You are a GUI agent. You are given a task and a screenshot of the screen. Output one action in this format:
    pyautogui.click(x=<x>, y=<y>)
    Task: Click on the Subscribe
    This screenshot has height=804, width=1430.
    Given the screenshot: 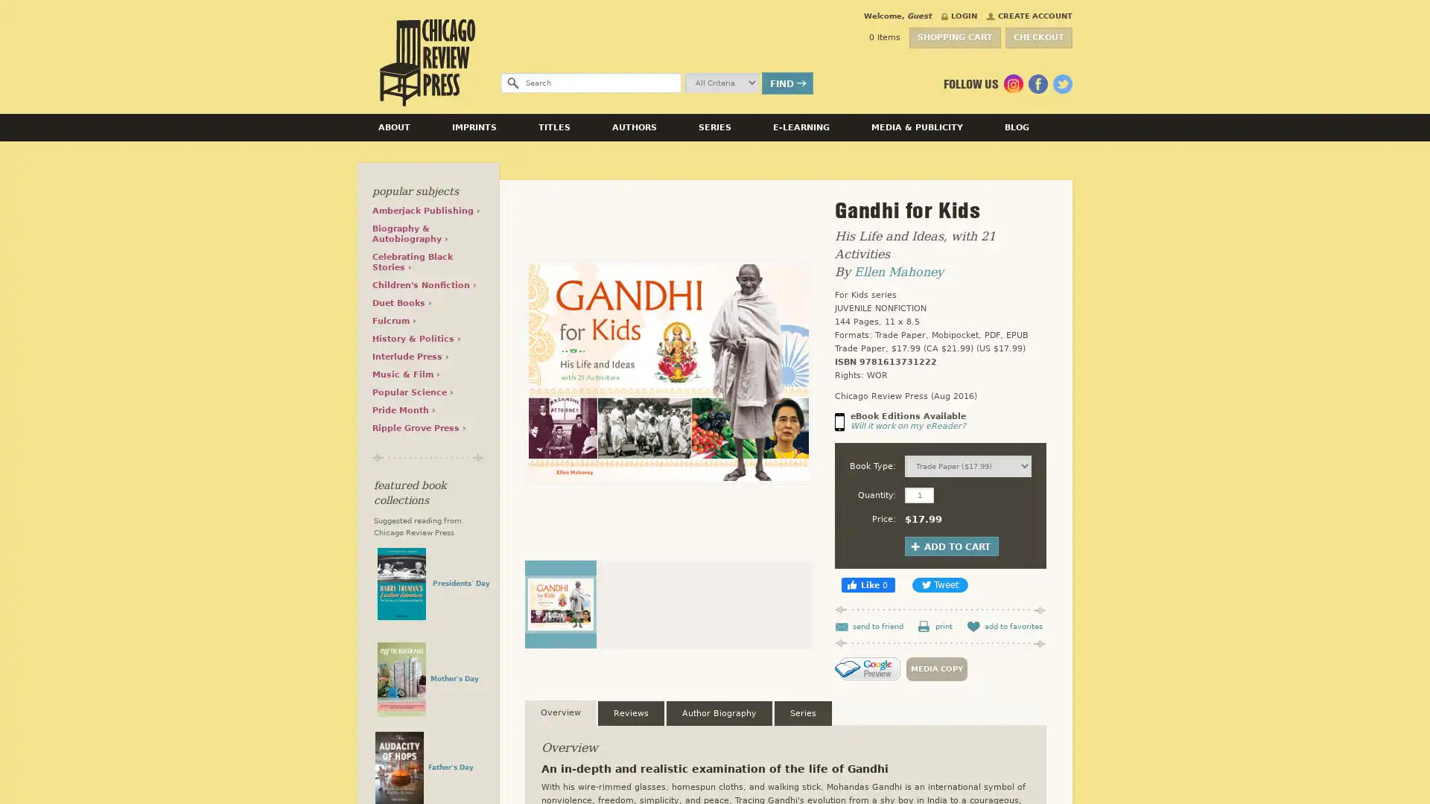 What is the action you would take?
    pyautogui.click(x=1035, y=397)
    